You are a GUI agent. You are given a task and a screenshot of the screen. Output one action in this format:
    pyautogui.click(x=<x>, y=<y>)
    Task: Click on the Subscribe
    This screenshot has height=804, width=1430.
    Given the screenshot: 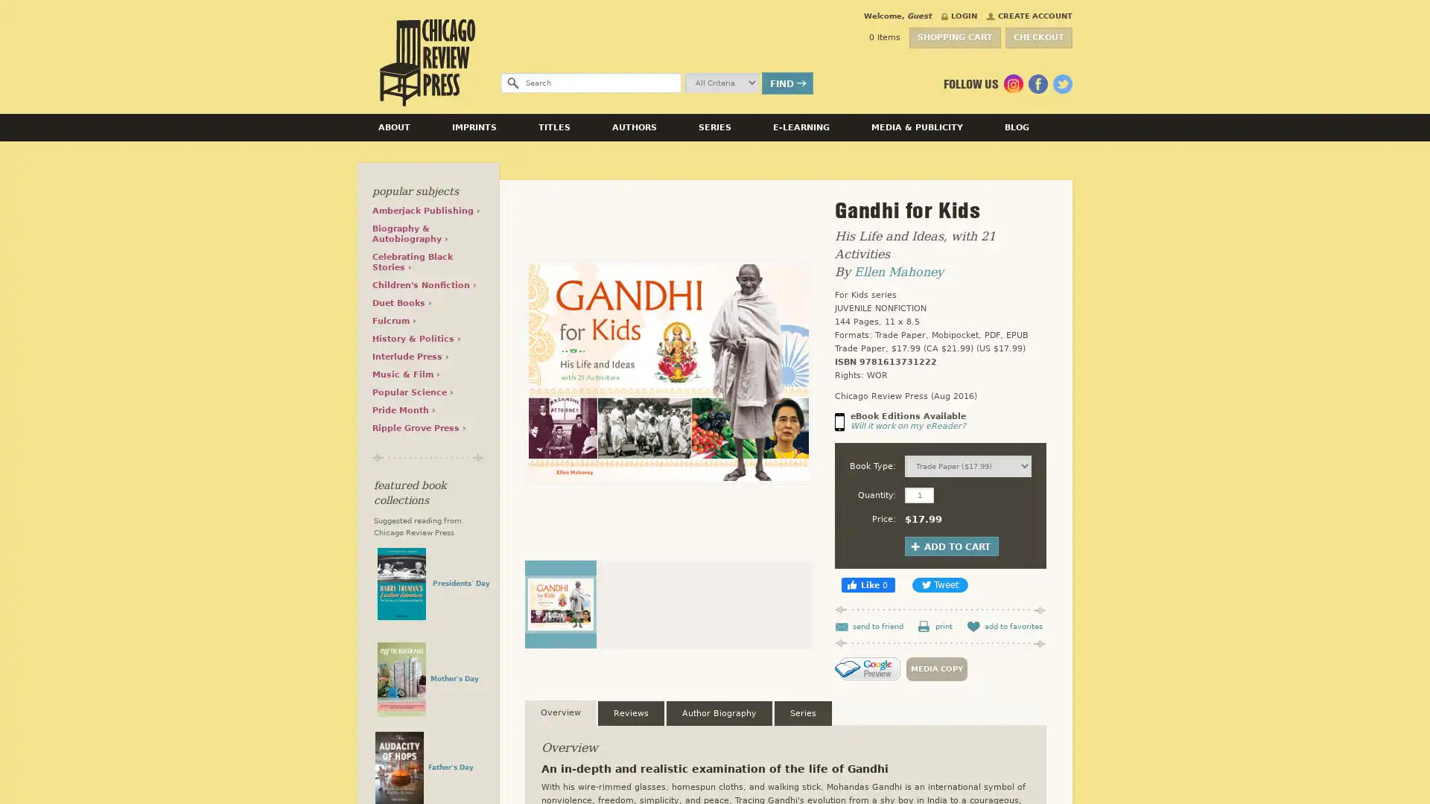 What is the action you would take?
    pyautogui.click(x=1035, y=397)
    